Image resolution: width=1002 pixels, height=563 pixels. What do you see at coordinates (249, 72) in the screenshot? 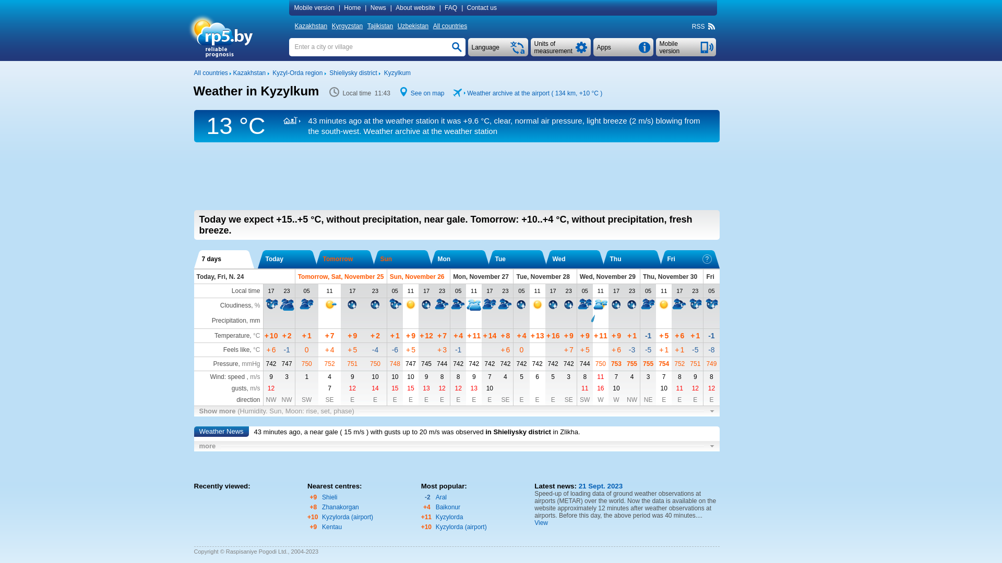
I see `'Kazakhstan'` at bounding box center [249, 72].